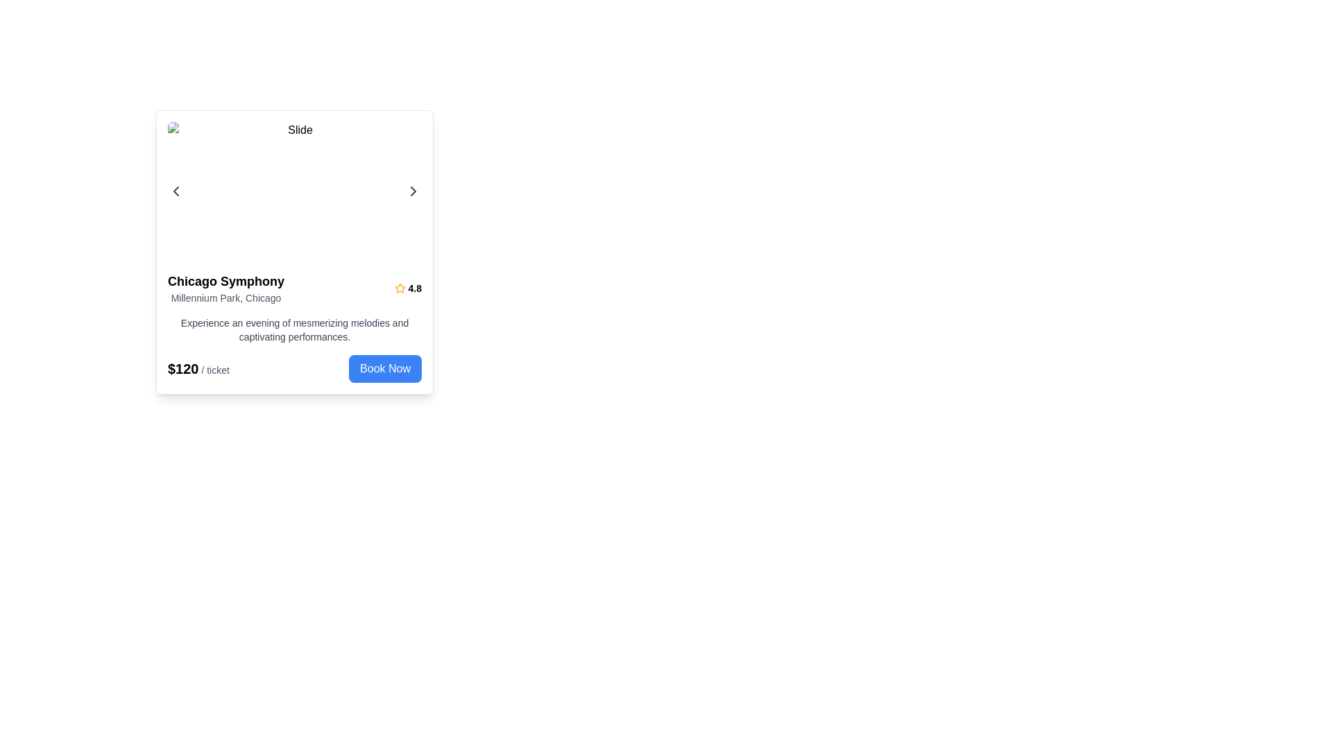  What do you see at coordinates (213, 369) in the screenshot?
I see `the text display indicating that the price is per ticket, which is positioned to the right of the '$120' text within the pricing section at the bottom left corner of the card layout` at bounding box center [213, 369].